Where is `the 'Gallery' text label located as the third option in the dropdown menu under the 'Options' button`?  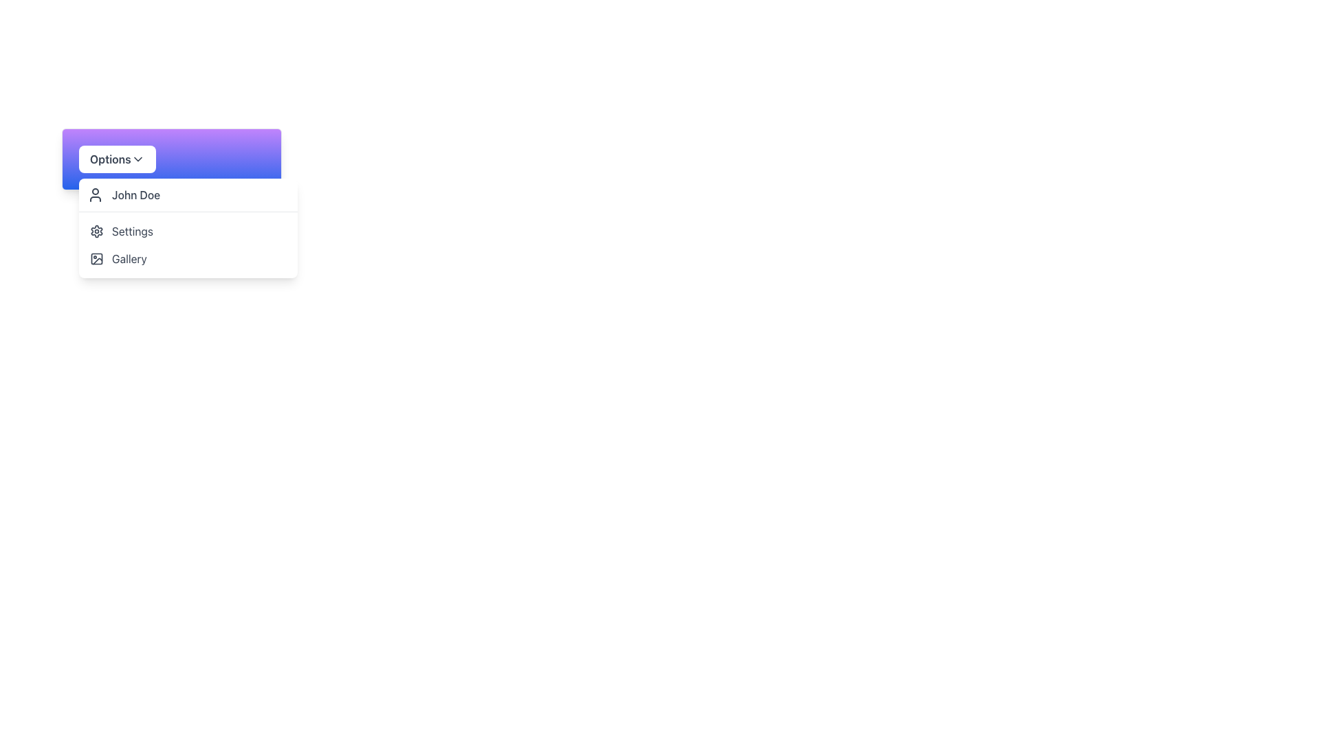 the 'Gallery' text label located as the third option in the dropdown menu under the 'Options' button is located at coordinates (129, 259).